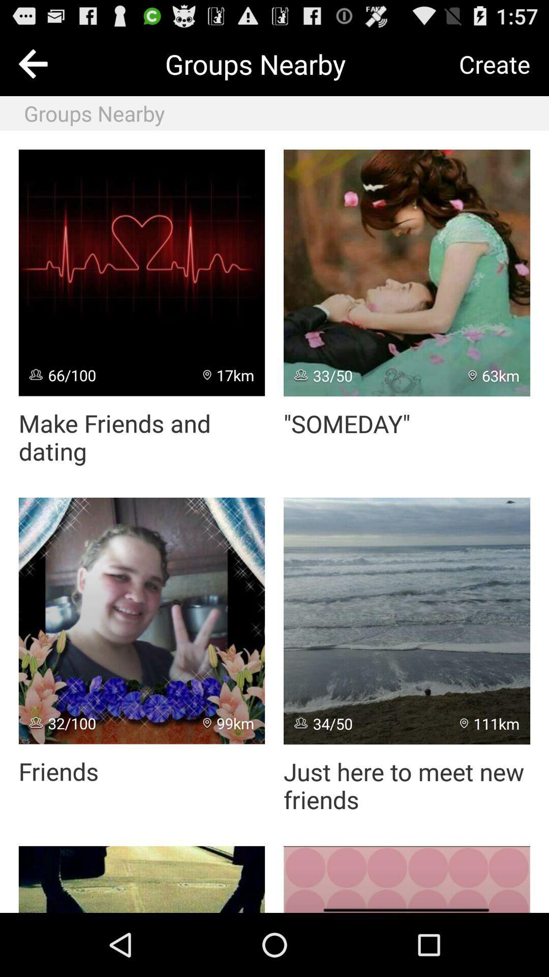 This screenshot has width=549, height=977. I want to click on item to the right of 66/100, so click(229, 375).